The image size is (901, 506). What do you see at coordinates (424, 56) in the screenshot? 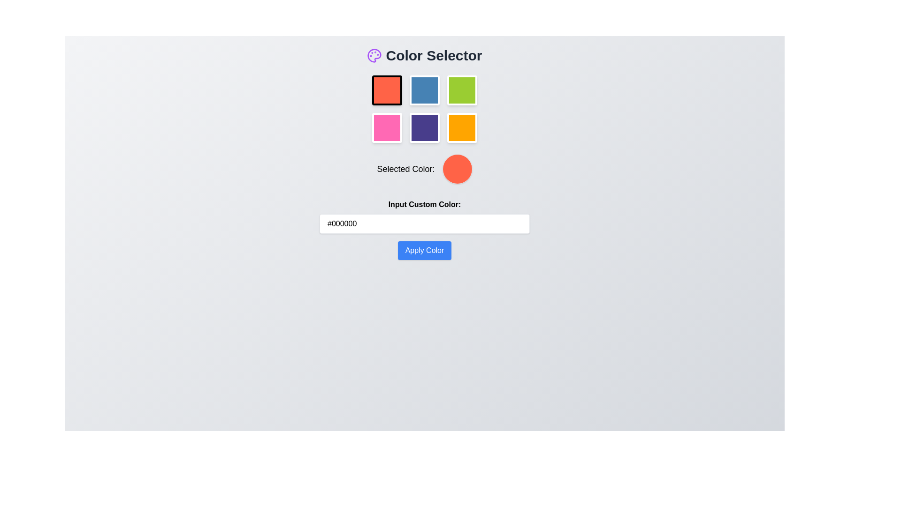
I see `the 'Color Selector' label, which displays the text in bold, 3xl font size with gray color, and is accompanied by a purple palette icon on its left` at bounding box center [424, 56].